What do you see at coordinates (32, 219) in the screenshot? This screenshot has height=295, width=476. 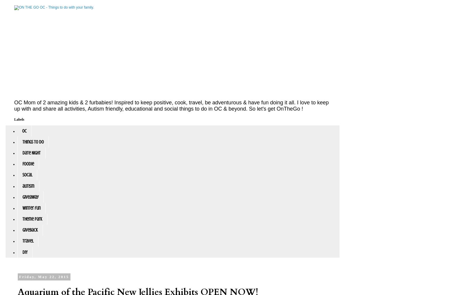 I see `'Theme Park'` at bounding box center [32, 219].